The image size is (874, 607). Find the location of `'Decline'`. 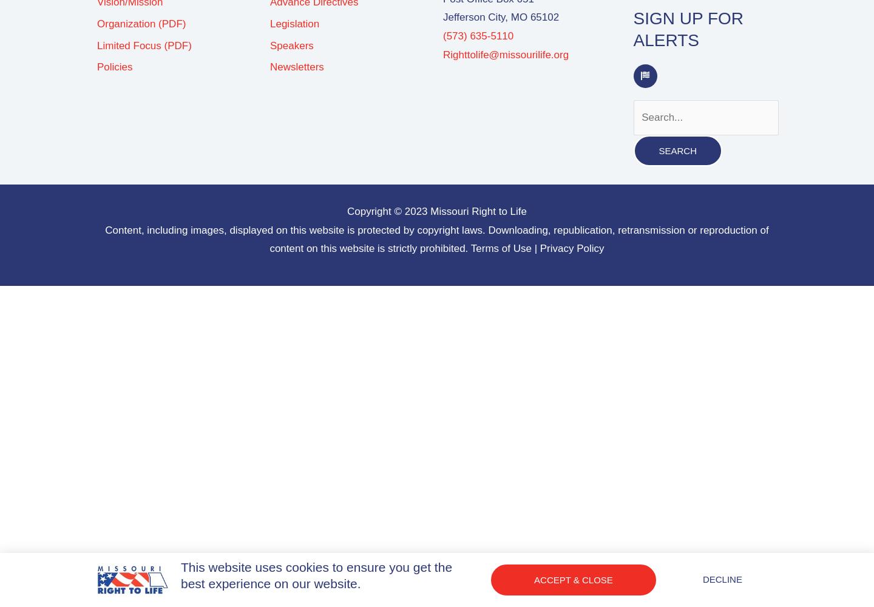

'Decline' is located at coordinates (702, 578).